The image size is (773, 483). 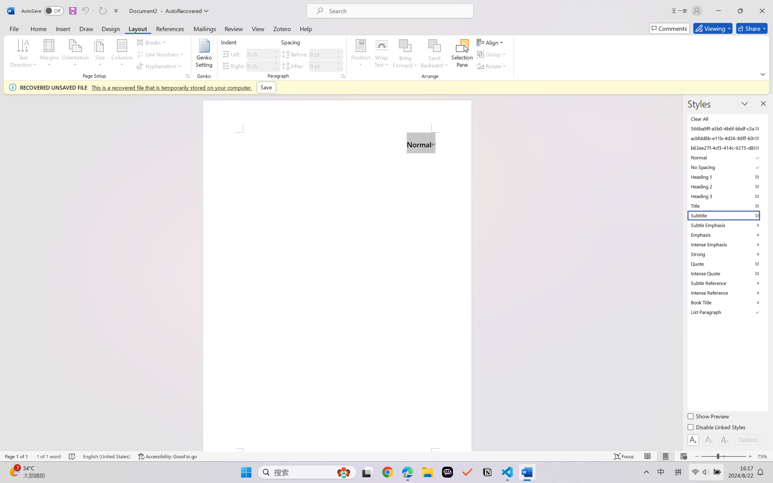 What do you see at coordinates (727, 234) in the screenshot?
I see `'Emphasis'` at bounding box center [727, 234].